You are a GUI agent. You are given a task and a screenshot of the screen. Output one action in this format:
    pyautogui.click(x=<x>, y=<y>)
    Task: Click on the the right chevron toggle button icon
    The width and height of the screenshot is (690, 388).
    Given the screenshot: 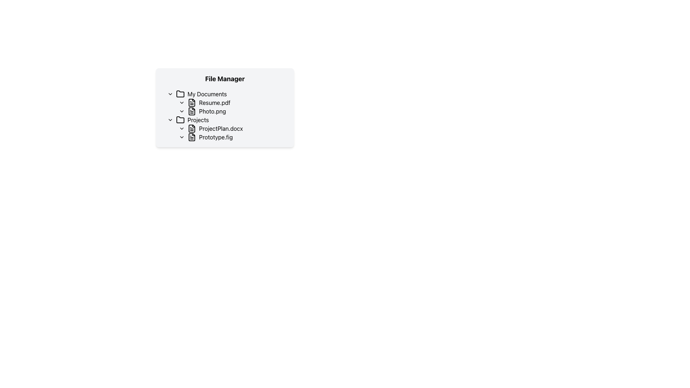 What is the action you would take?
    pyautogui.click(x=170, y=120)
    